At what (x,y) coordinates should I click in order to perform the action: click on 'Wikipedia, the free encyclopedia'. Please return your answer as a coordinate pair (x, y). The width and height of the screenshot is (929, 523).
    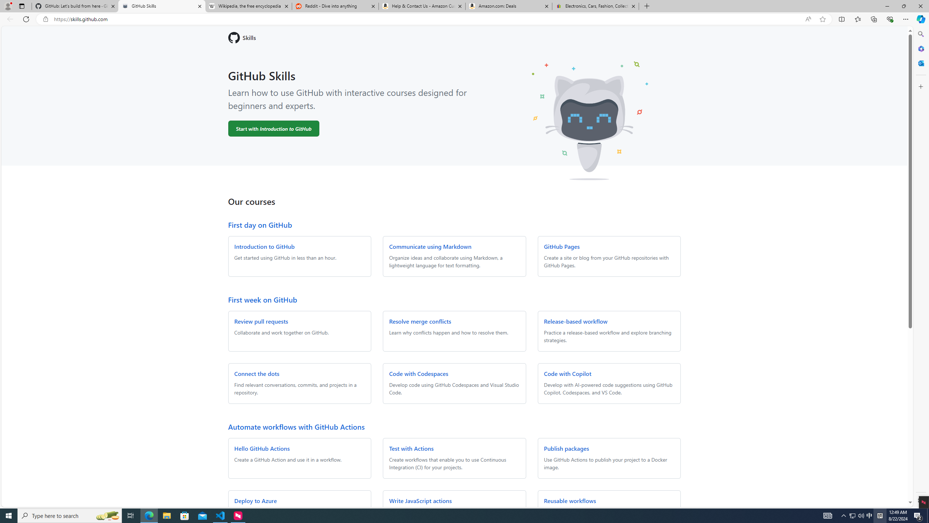
    Looking at the image, I should click on (249, 6).